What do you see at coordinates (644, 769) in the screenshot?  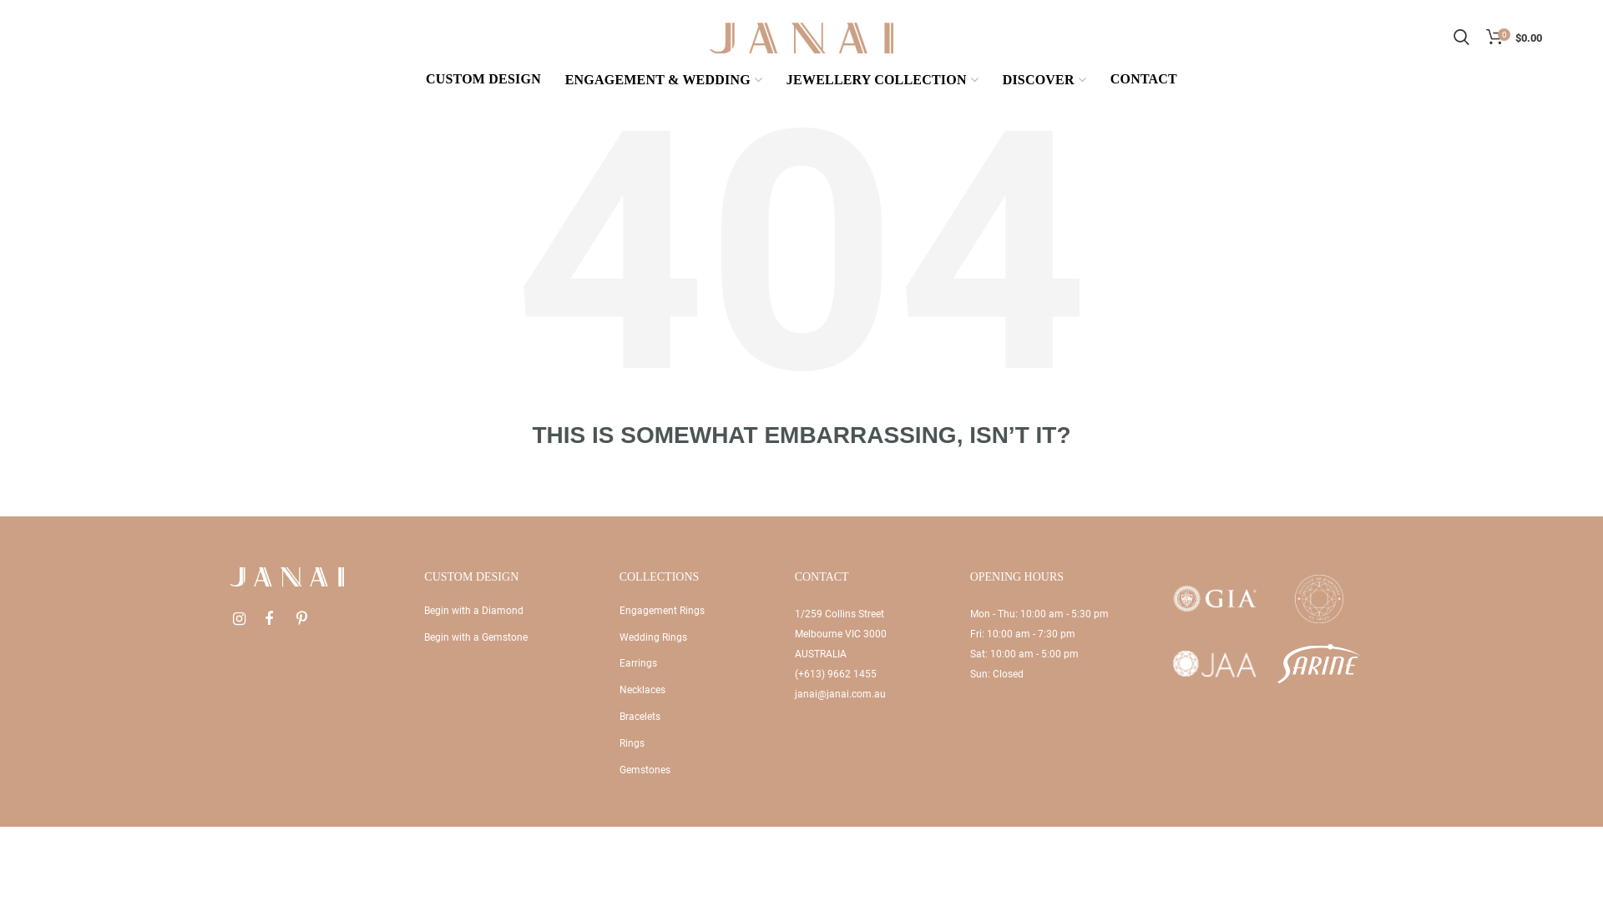 I see `'Gemstones'` at bounding box center [644, 769].